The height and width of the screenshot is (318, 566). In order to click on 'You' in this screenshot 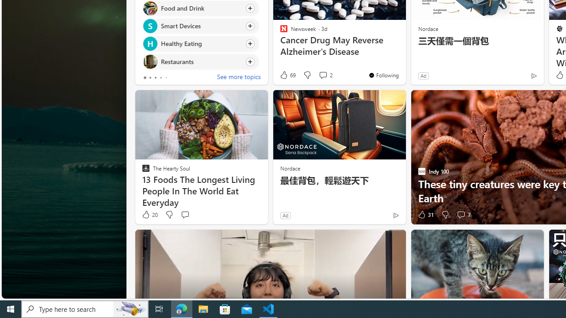, I will do `click(383, 74)`.